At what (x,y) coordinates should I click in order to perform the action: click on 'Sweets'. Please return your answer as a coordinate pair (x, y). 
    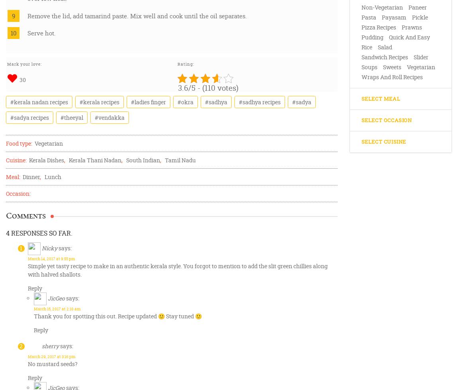
    Looking at the image, I should click on (391, 67).